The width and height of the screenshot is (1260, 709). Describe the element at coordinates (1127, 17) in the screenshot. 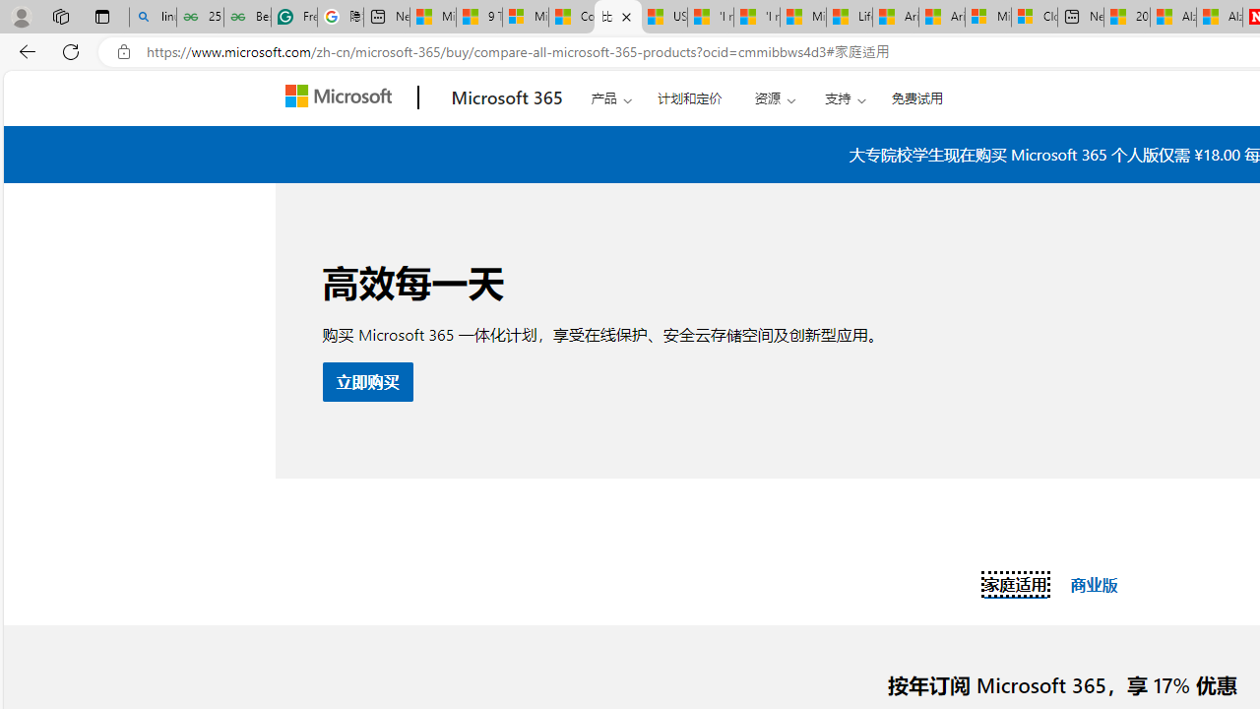

I see `'20 Ways to Boost Your Protein Intake at Every Meal'` at that location.